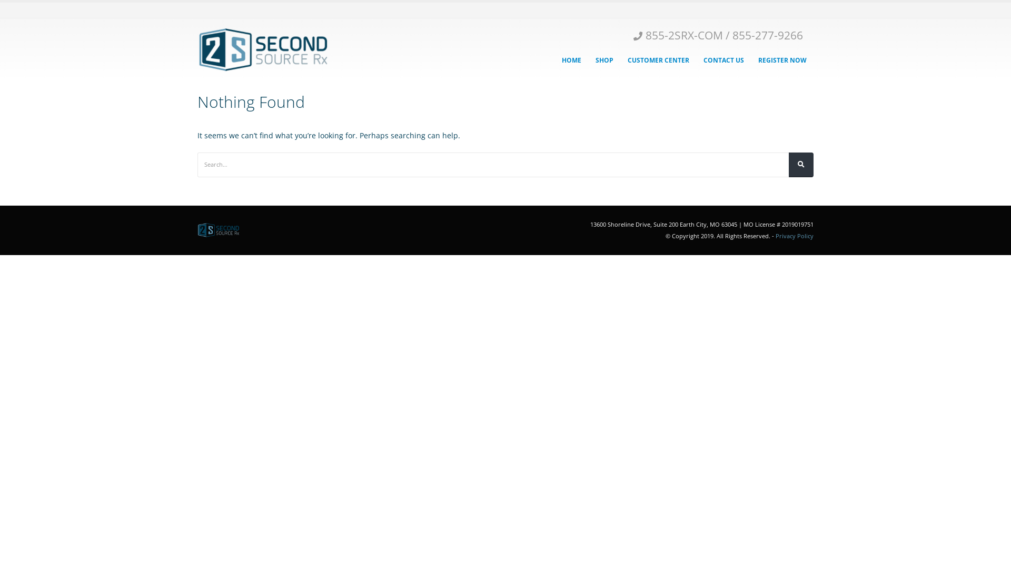  Describe the element at coordinates (794, 235) in the screenshot. I see `'Privacy Policy'` at that location.